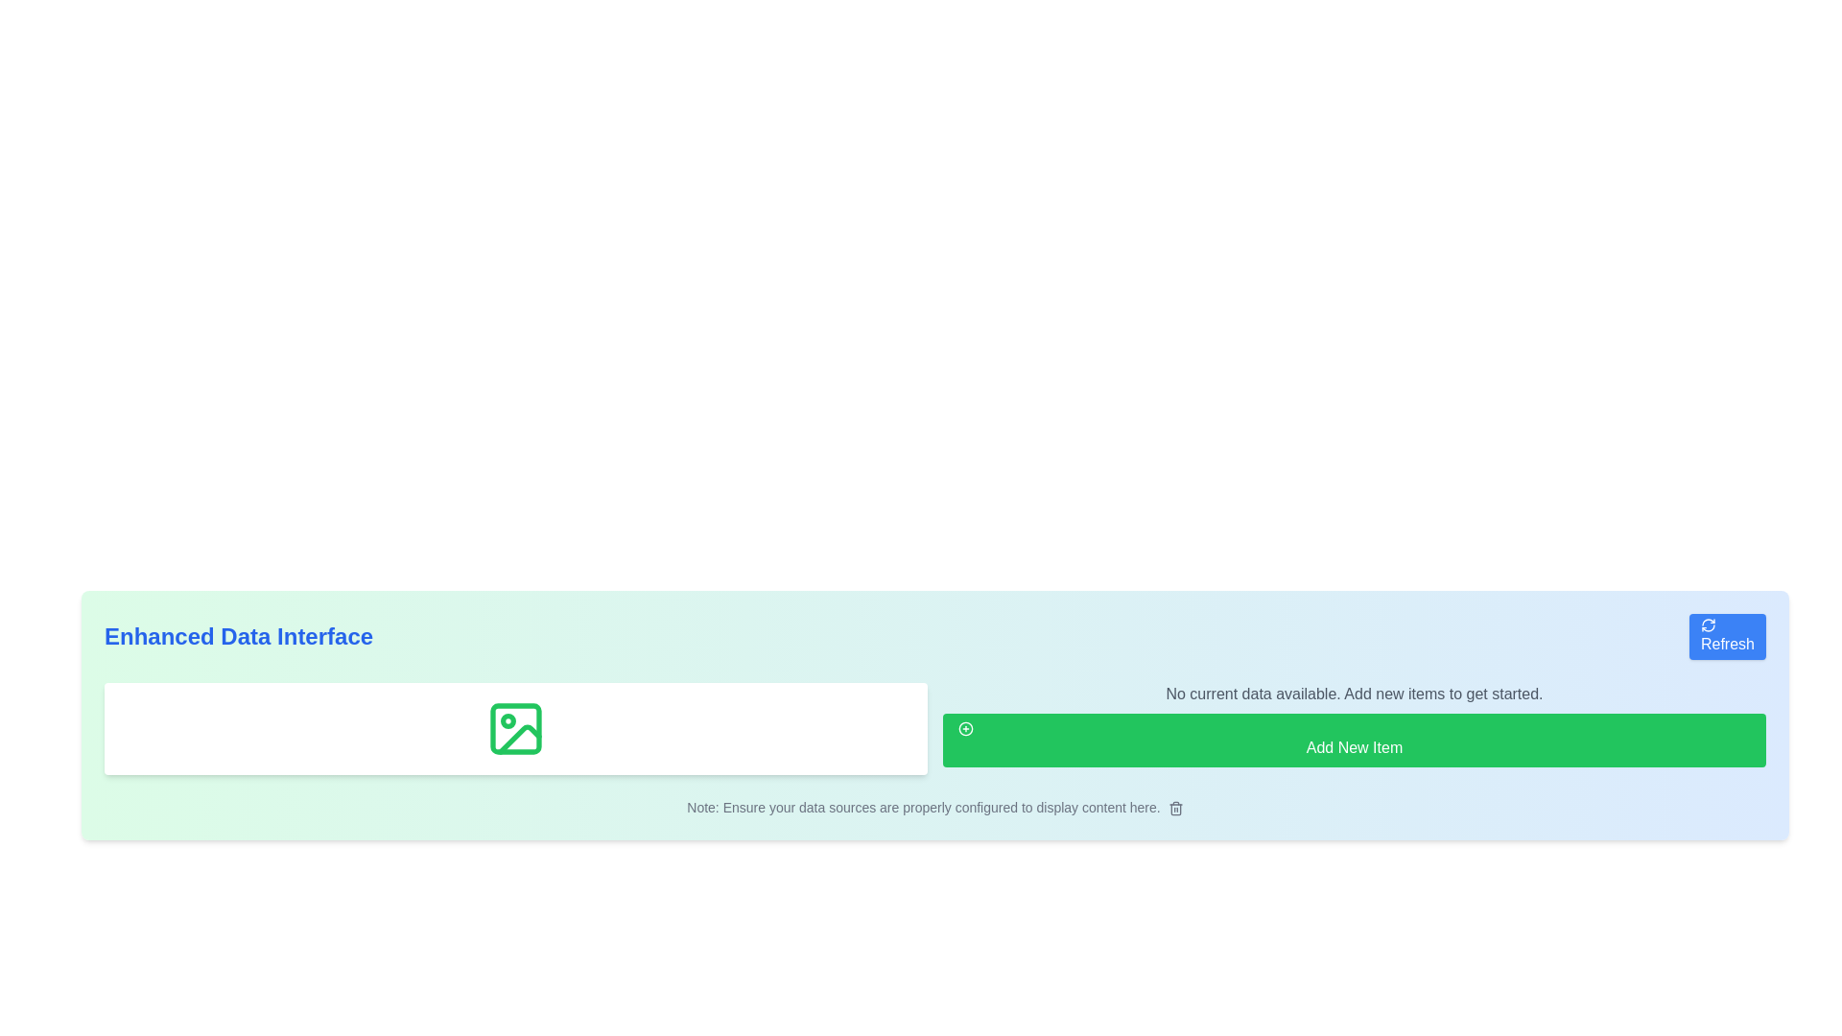 This screenshot has height=1036, width=1842. I want to click on the small trash can icon, which is positioned to the far right of the warning text about ensuring proper configuration of data sources, so click(1174, 809).